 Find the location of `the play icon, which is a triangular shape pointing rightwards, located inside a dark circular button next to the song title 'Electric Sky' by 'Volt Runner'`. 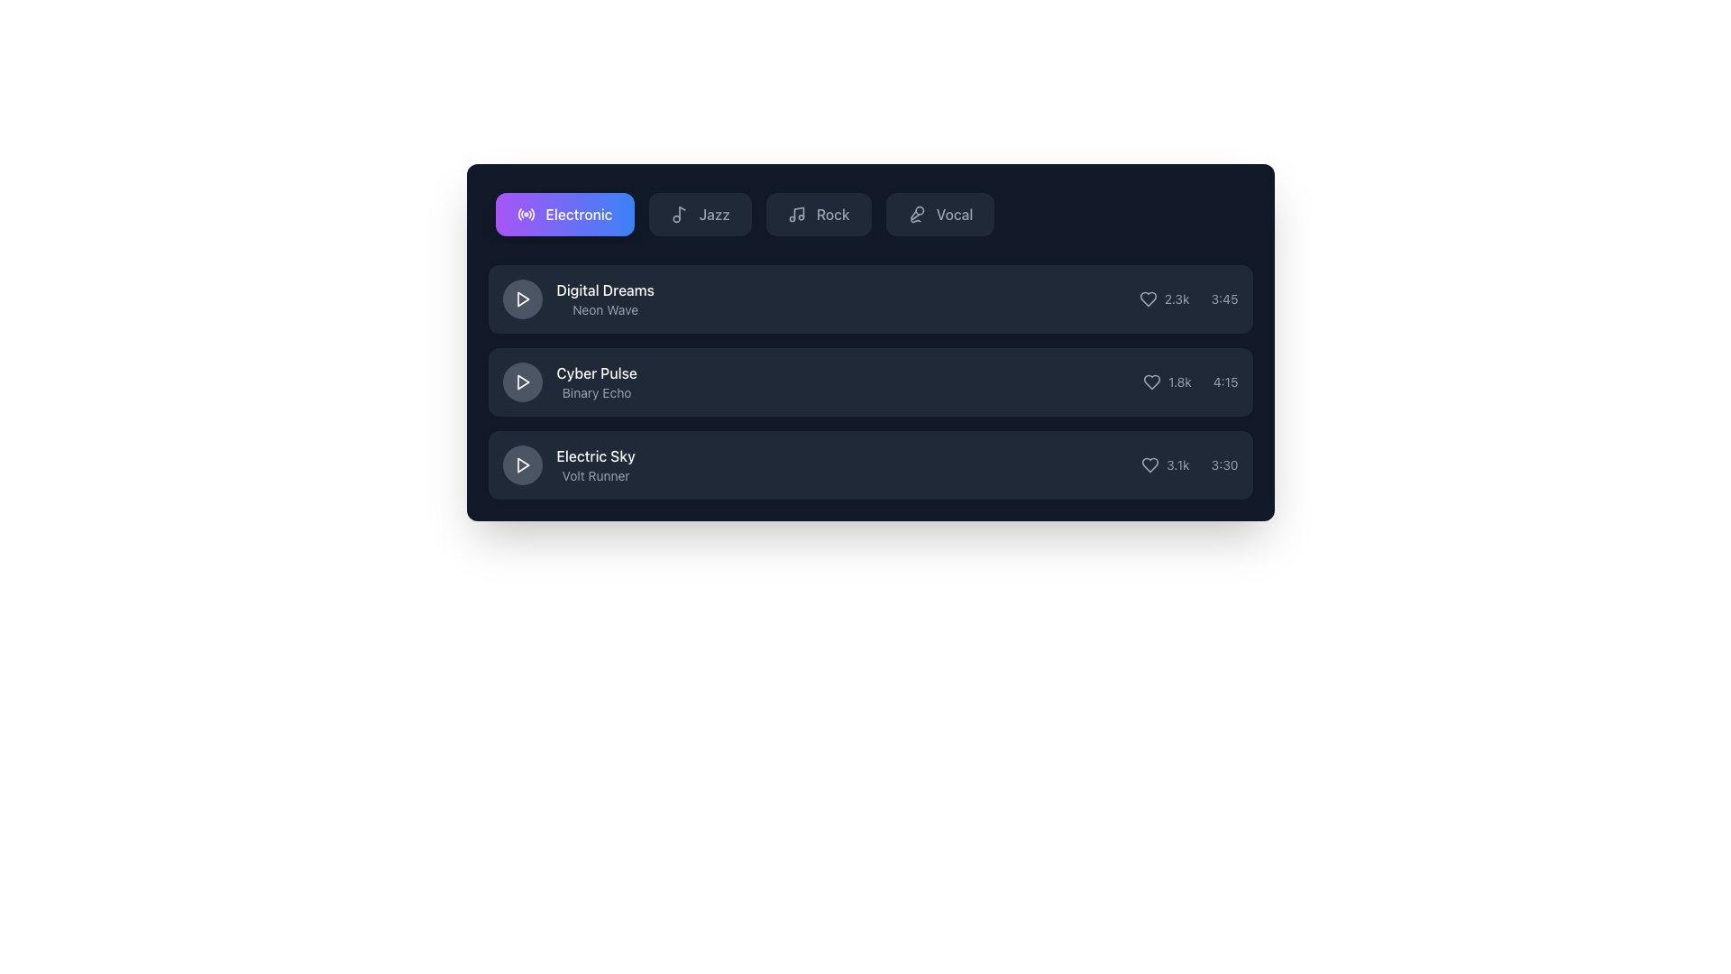

the play icon, which is a triangular shape pointing rightwards, located inside a dark circular button next to the song title 'Electric Sky' by 'Volt Runner' is located at coordinates (522, 464).